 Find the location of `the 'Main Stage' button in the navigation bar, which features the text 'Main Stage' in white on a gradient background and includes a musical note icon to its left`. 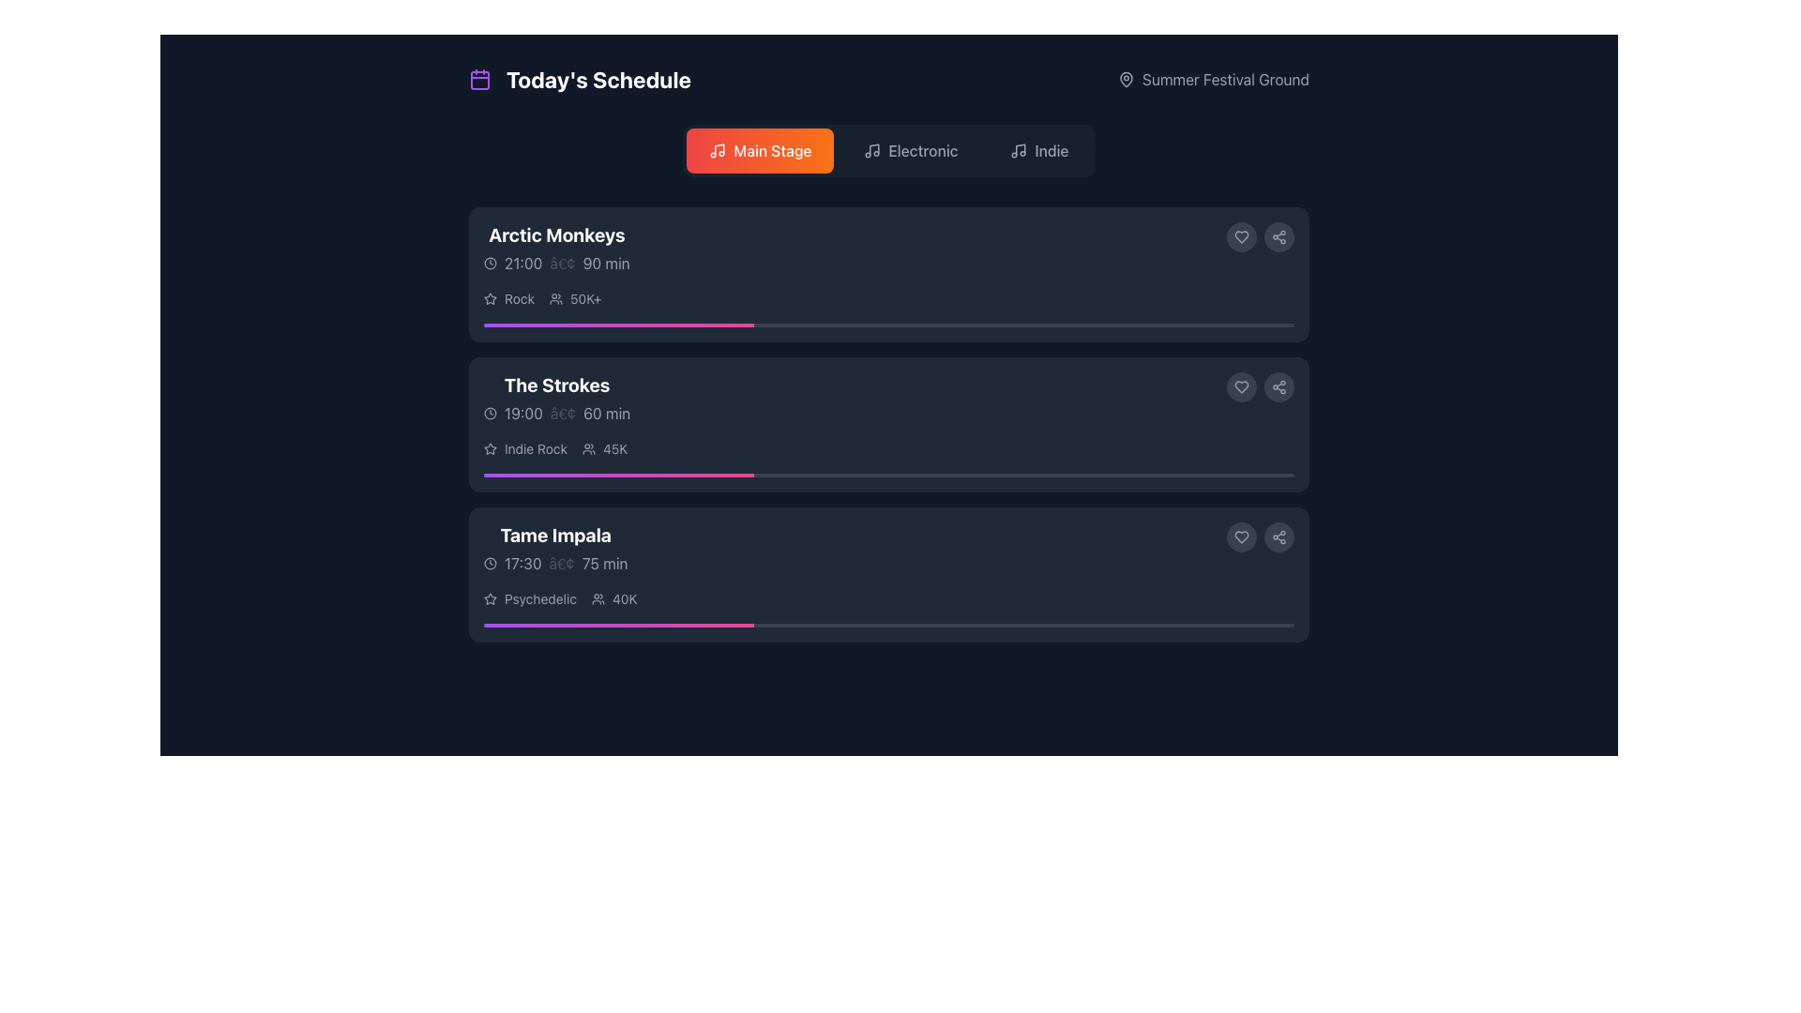

the 'Main Stage' button in the navigation bar, which features the text 'Main Stage' in white on a gradient background and includes a musical note icon to its left is located at coordinates (772, 150).